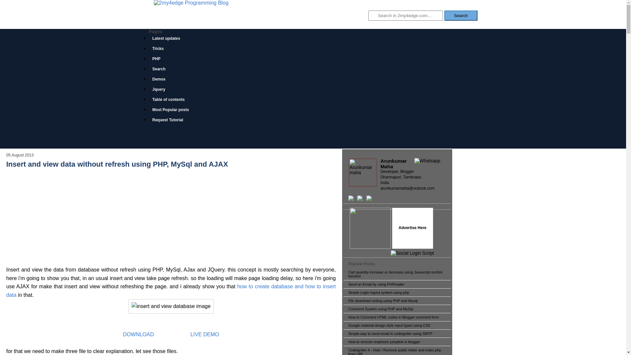 Image resolution: width=631 pixels, height=355 pixels. What do you see at coordinates (390, 333) in the screenshot?
I see `'Simple way to send email in codeigniter using SMTP'` at bounding box center [390, 333].